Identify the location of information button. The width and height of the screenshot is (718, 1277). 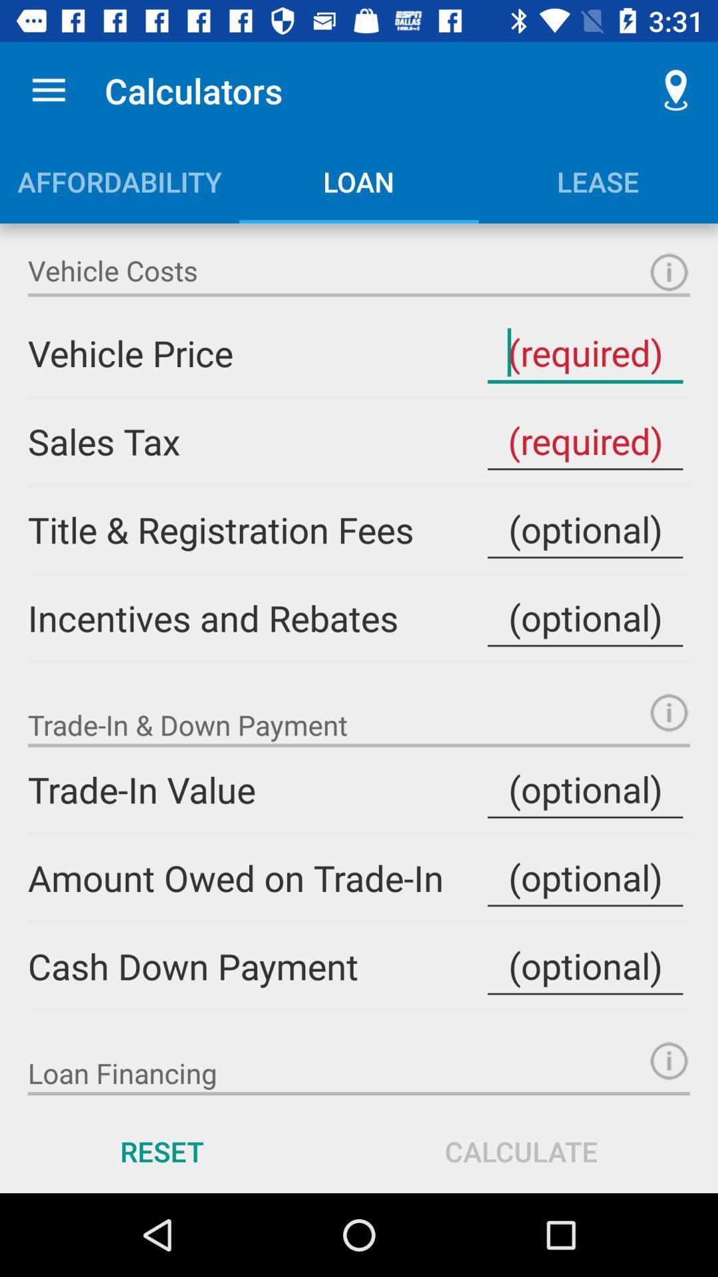
(669, 271).